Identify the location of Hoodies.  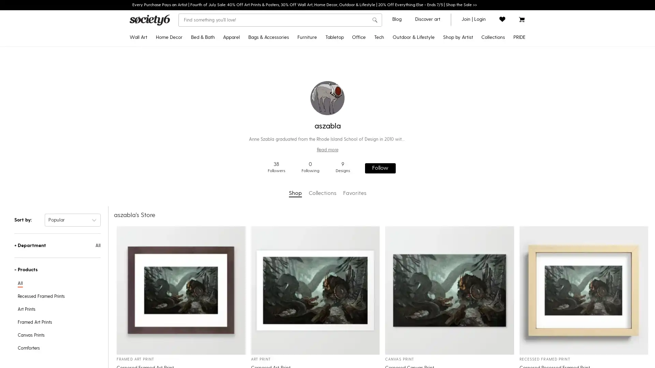
(253, 76).